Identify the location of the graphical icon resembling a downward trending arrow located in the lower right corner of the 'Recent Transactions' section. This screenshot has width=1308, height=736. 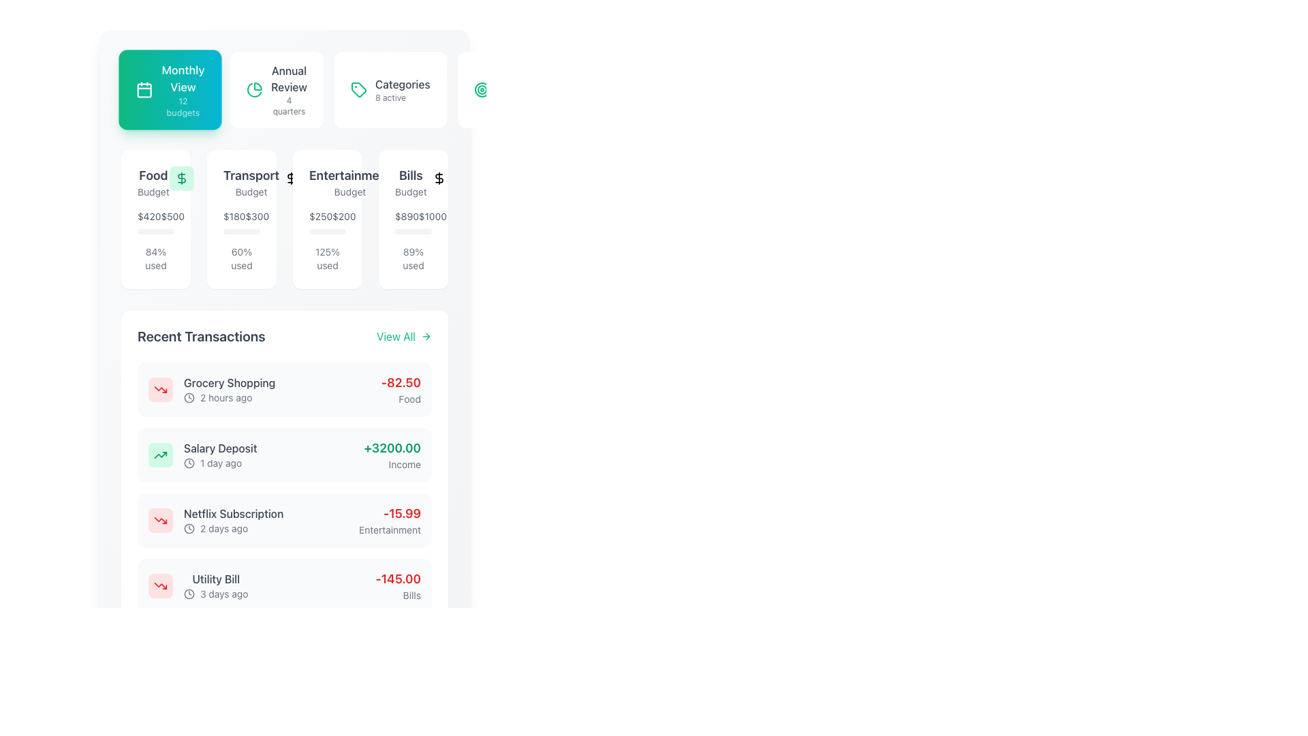
(160, 520).